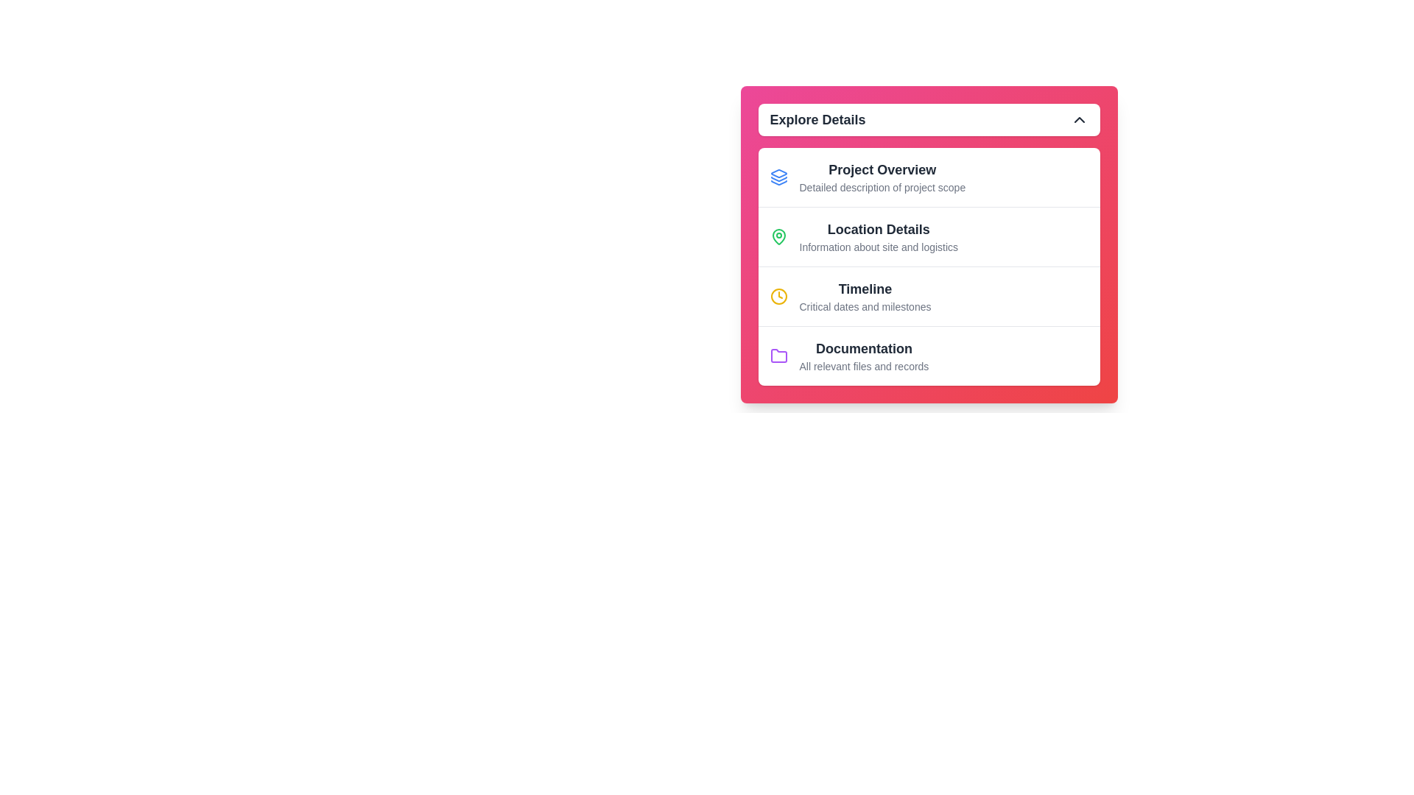 Image resolution: width=1414 pixels, height=795 pixels. I want to click on the outer circular part of the clock icon, which is located to the left of the 'Timeline' label in the third row of the menu-like interface, so click(778, 296).